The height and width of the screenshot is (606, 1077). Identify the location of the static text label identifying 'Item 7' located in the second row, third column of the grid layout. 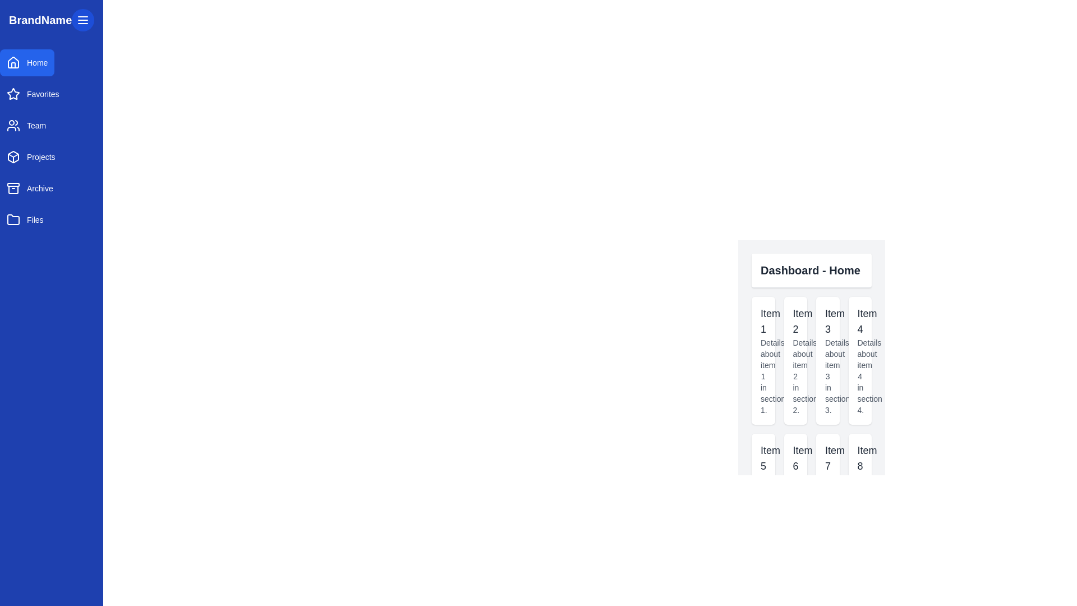
(827, 458).